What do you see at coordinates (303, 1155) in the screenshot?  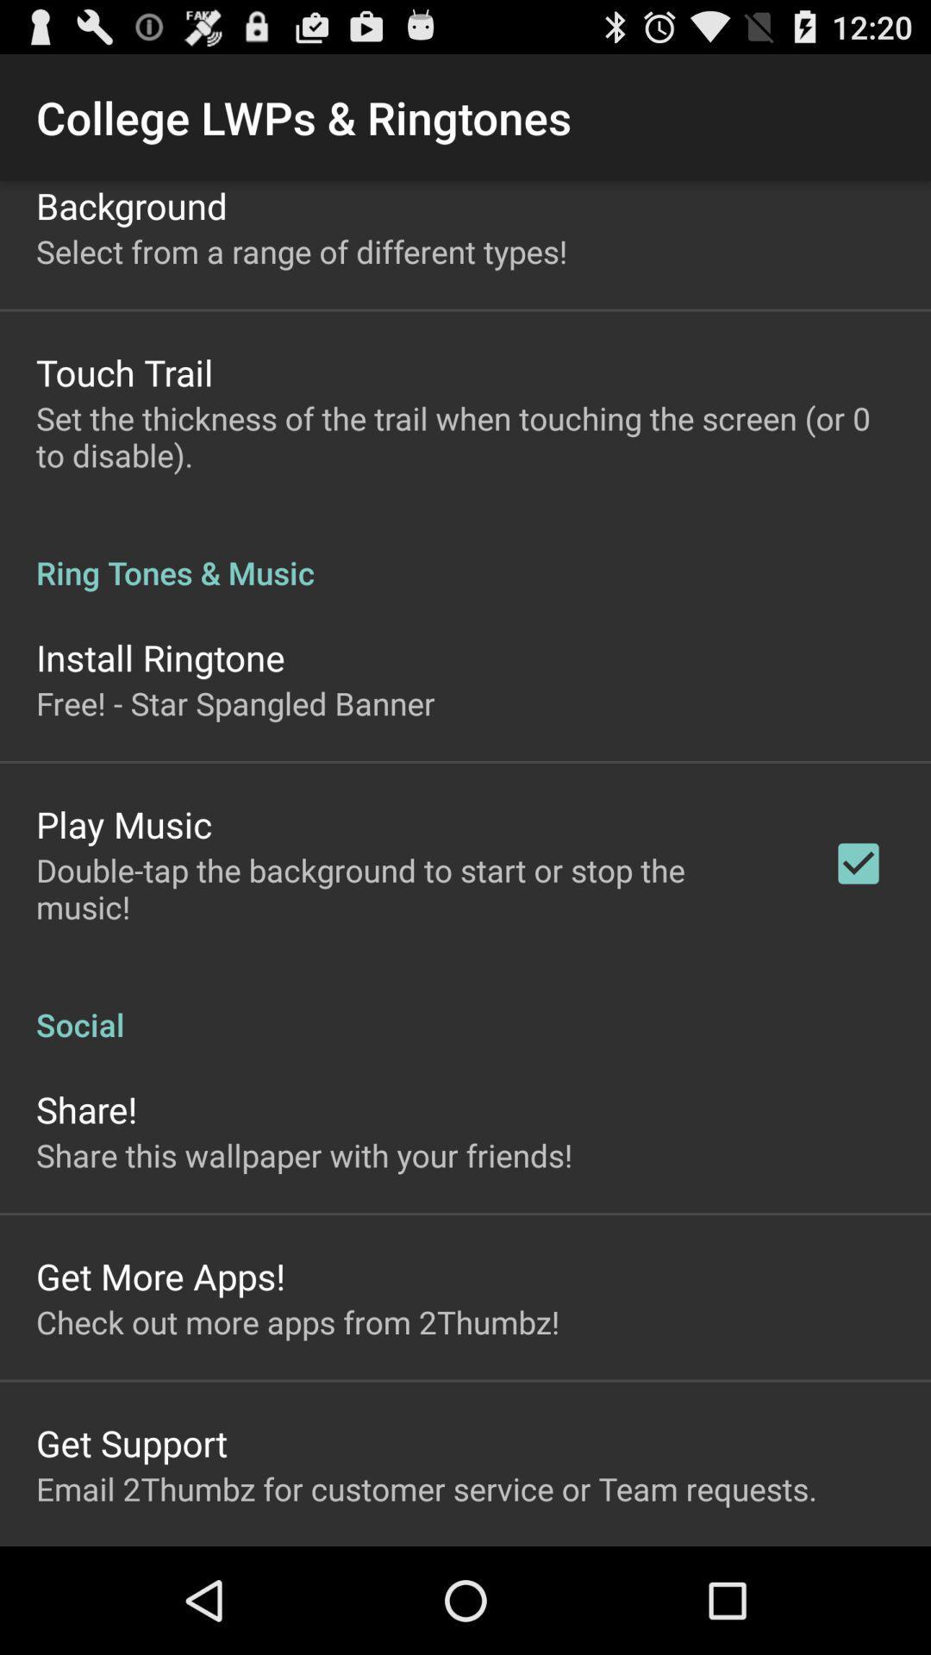 I see `icon below share! app` at bounding box center [303, 1155].